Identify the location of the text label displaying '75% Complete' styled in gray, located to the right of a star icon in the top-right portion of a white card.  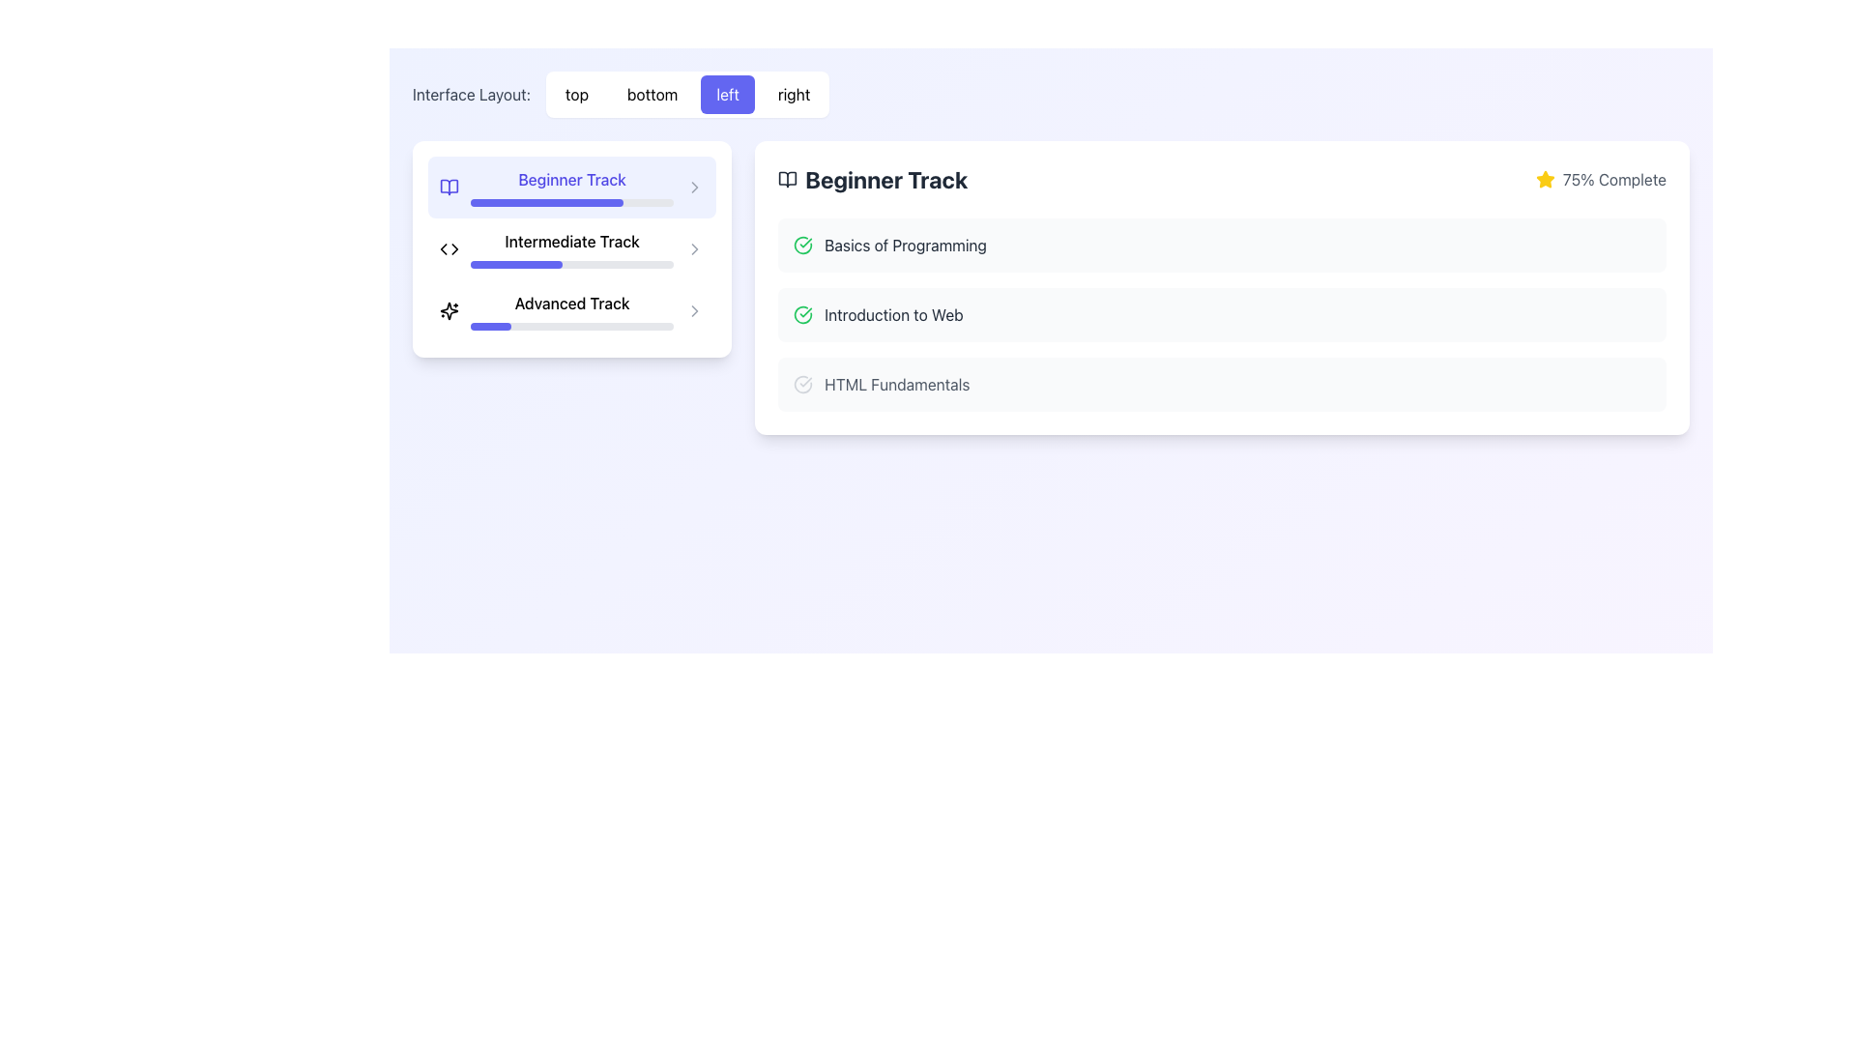
(1614, 179).